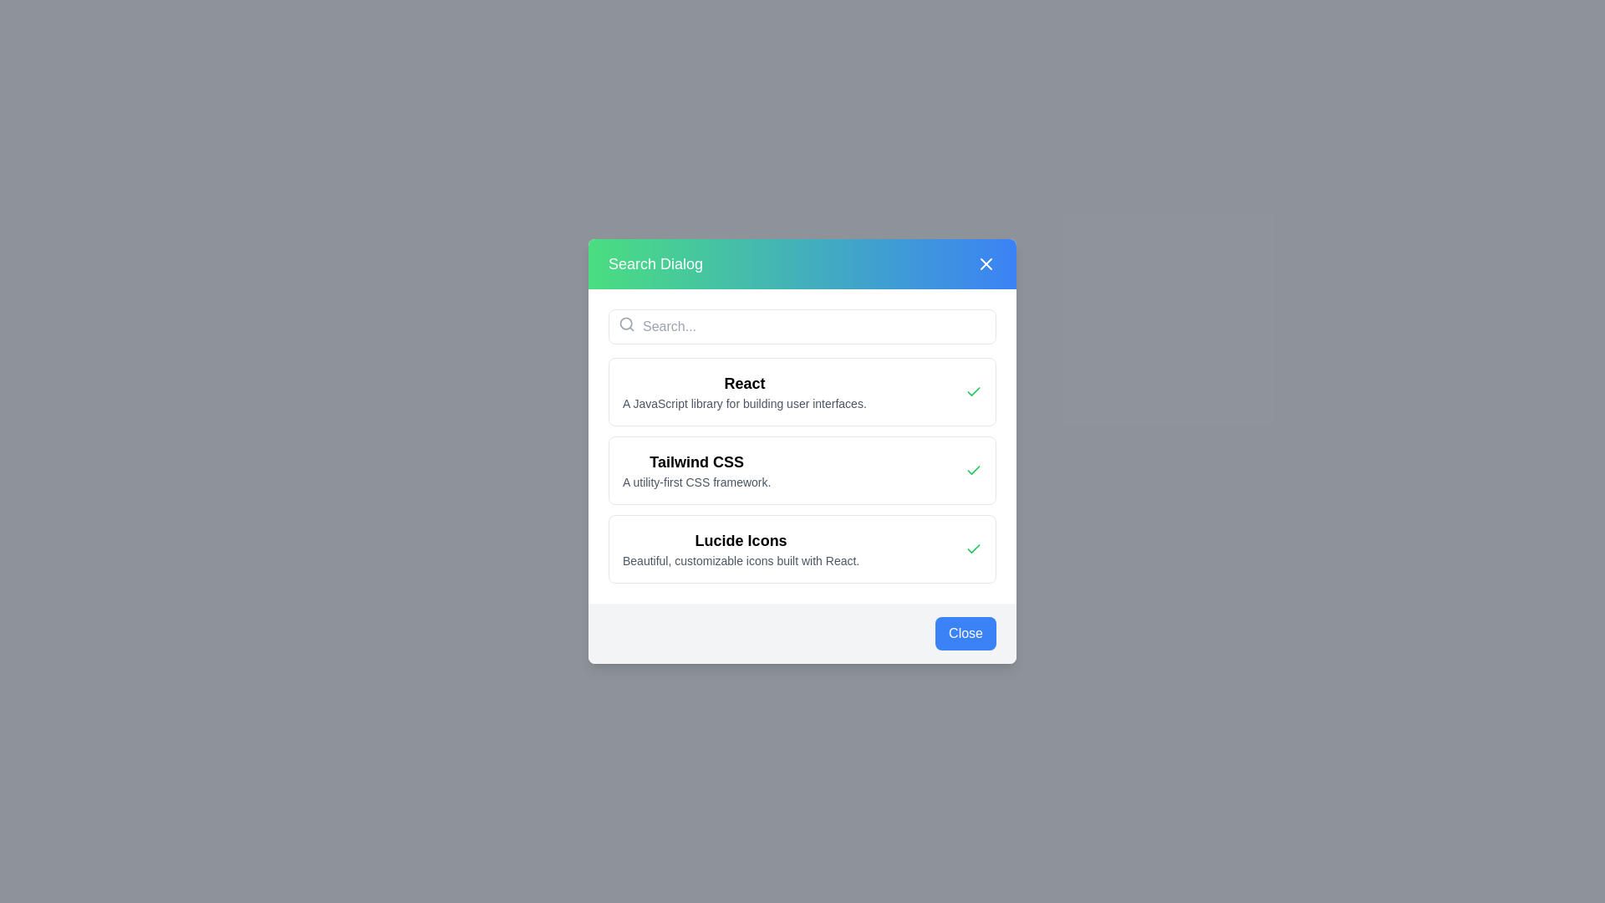 Image resolution: width=1605 pixels, height=903 pixels. Describe the element at coordinates (740, 561) in the screenshot. I see `descriptive text content that states 'Beautiful, customizable icons built with React.', which is located directly below the heading 'Lucide Icons' in the dialog box` at that location.